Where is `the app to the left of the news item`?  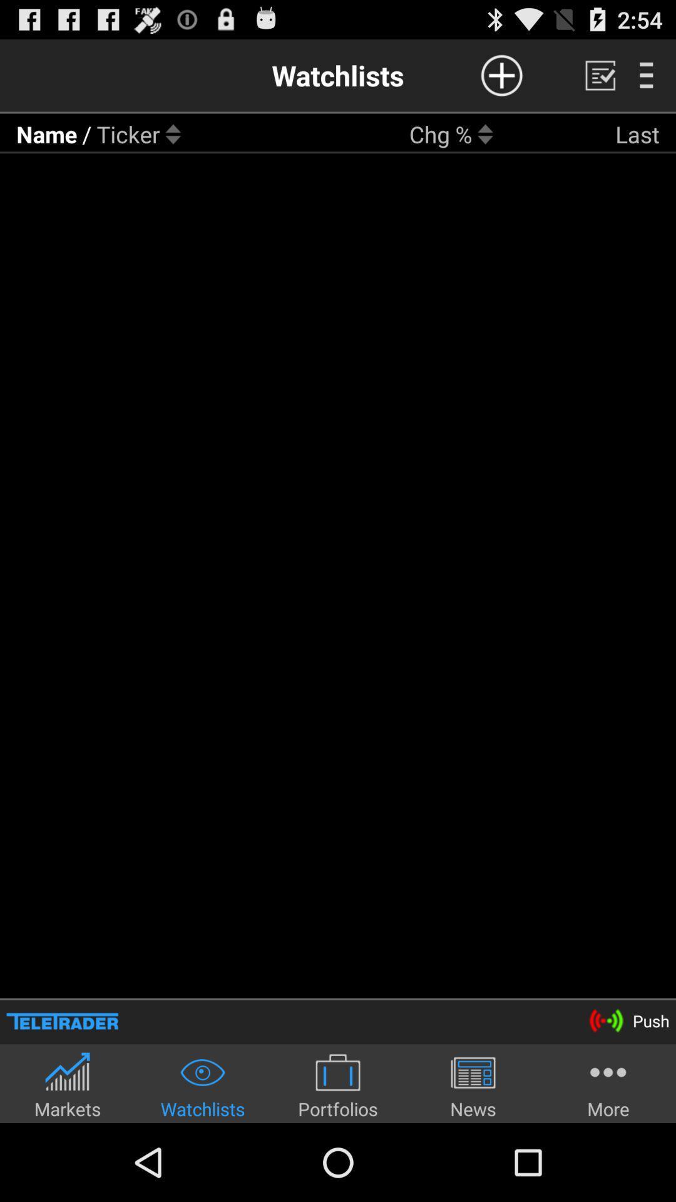 the app to the left of the news item is located at coordinates (338, 1084).